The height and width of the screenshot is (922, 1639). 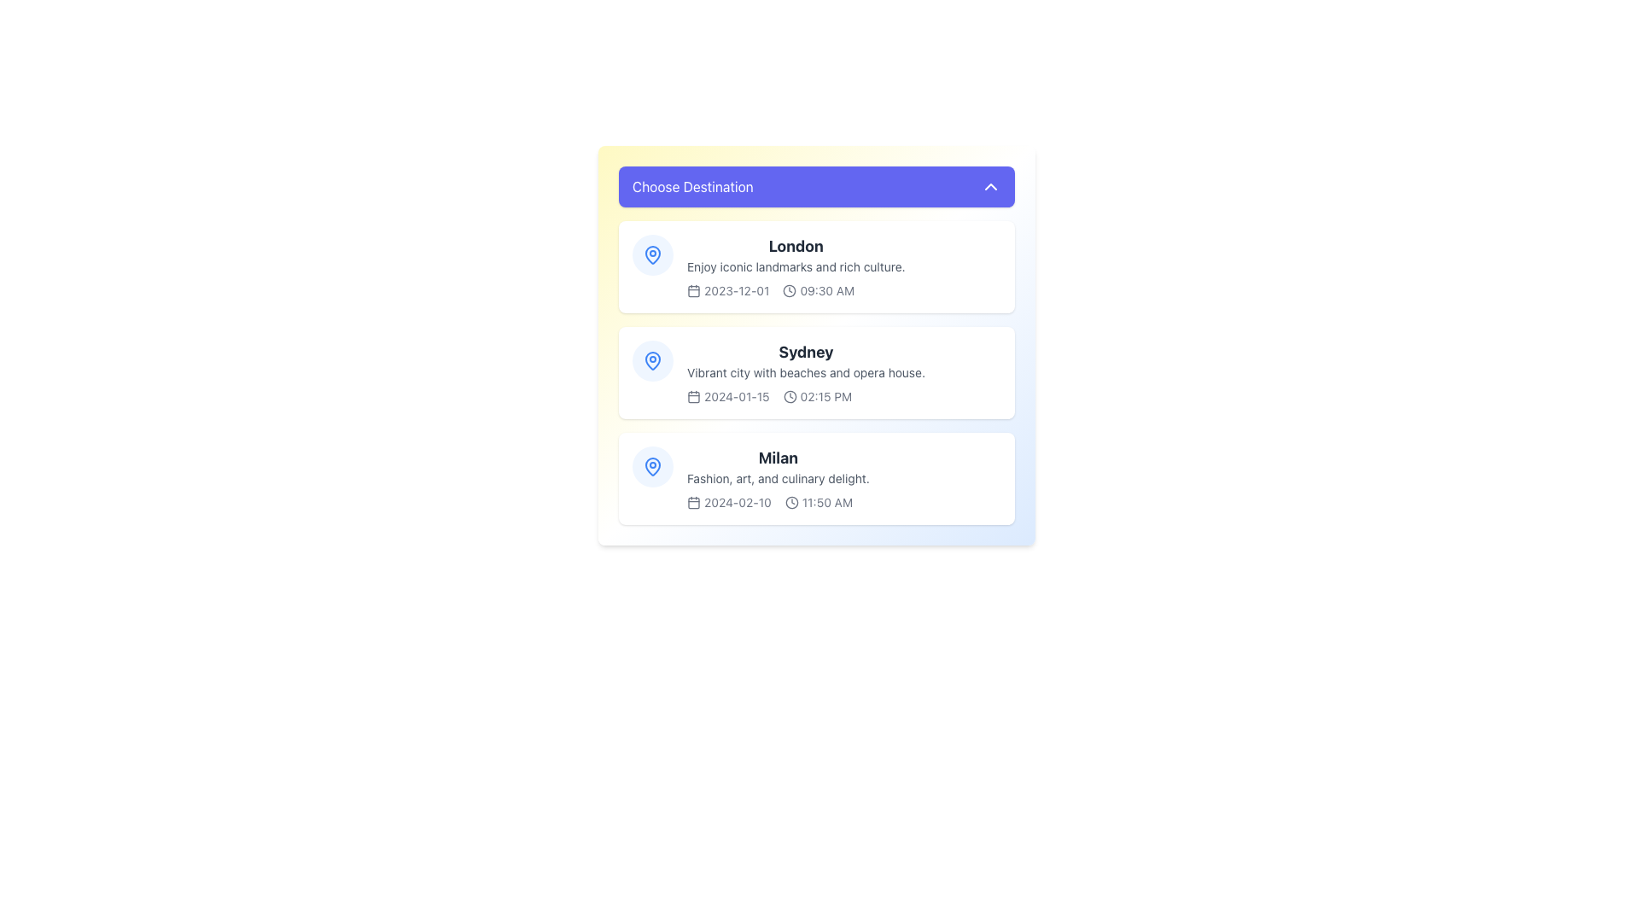 What do you see at coordinates (790, 502) in the screenshot?
I see `the Decorative Icon located in the bottommost card titled 'Milan', positioned to the right of the date and aligned with the time text '11:50 AM'` at bounding box center [790, 502].